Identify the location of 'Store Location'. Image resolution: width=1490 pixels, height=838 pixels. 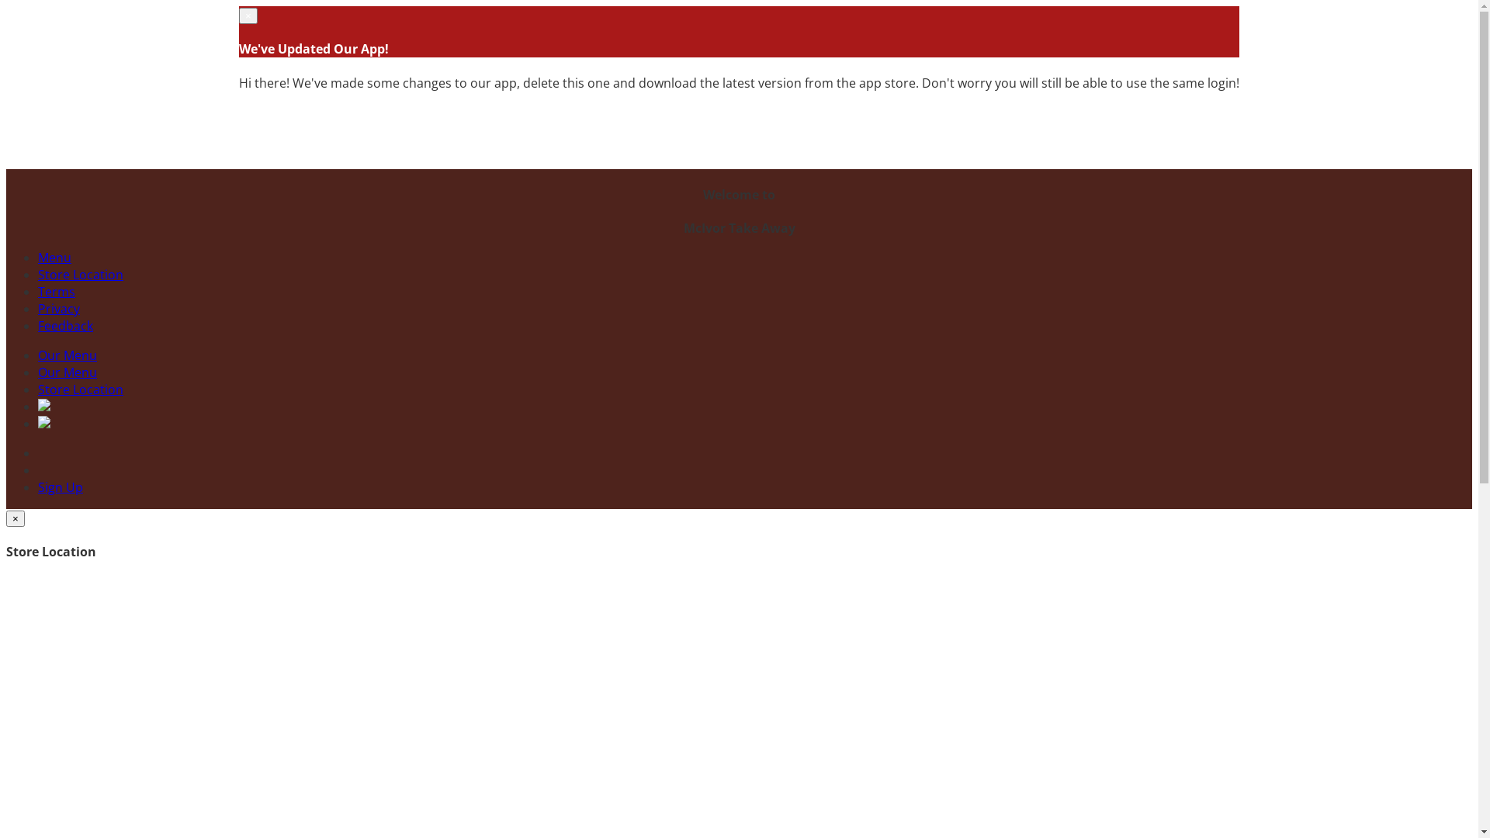
(80, 388).